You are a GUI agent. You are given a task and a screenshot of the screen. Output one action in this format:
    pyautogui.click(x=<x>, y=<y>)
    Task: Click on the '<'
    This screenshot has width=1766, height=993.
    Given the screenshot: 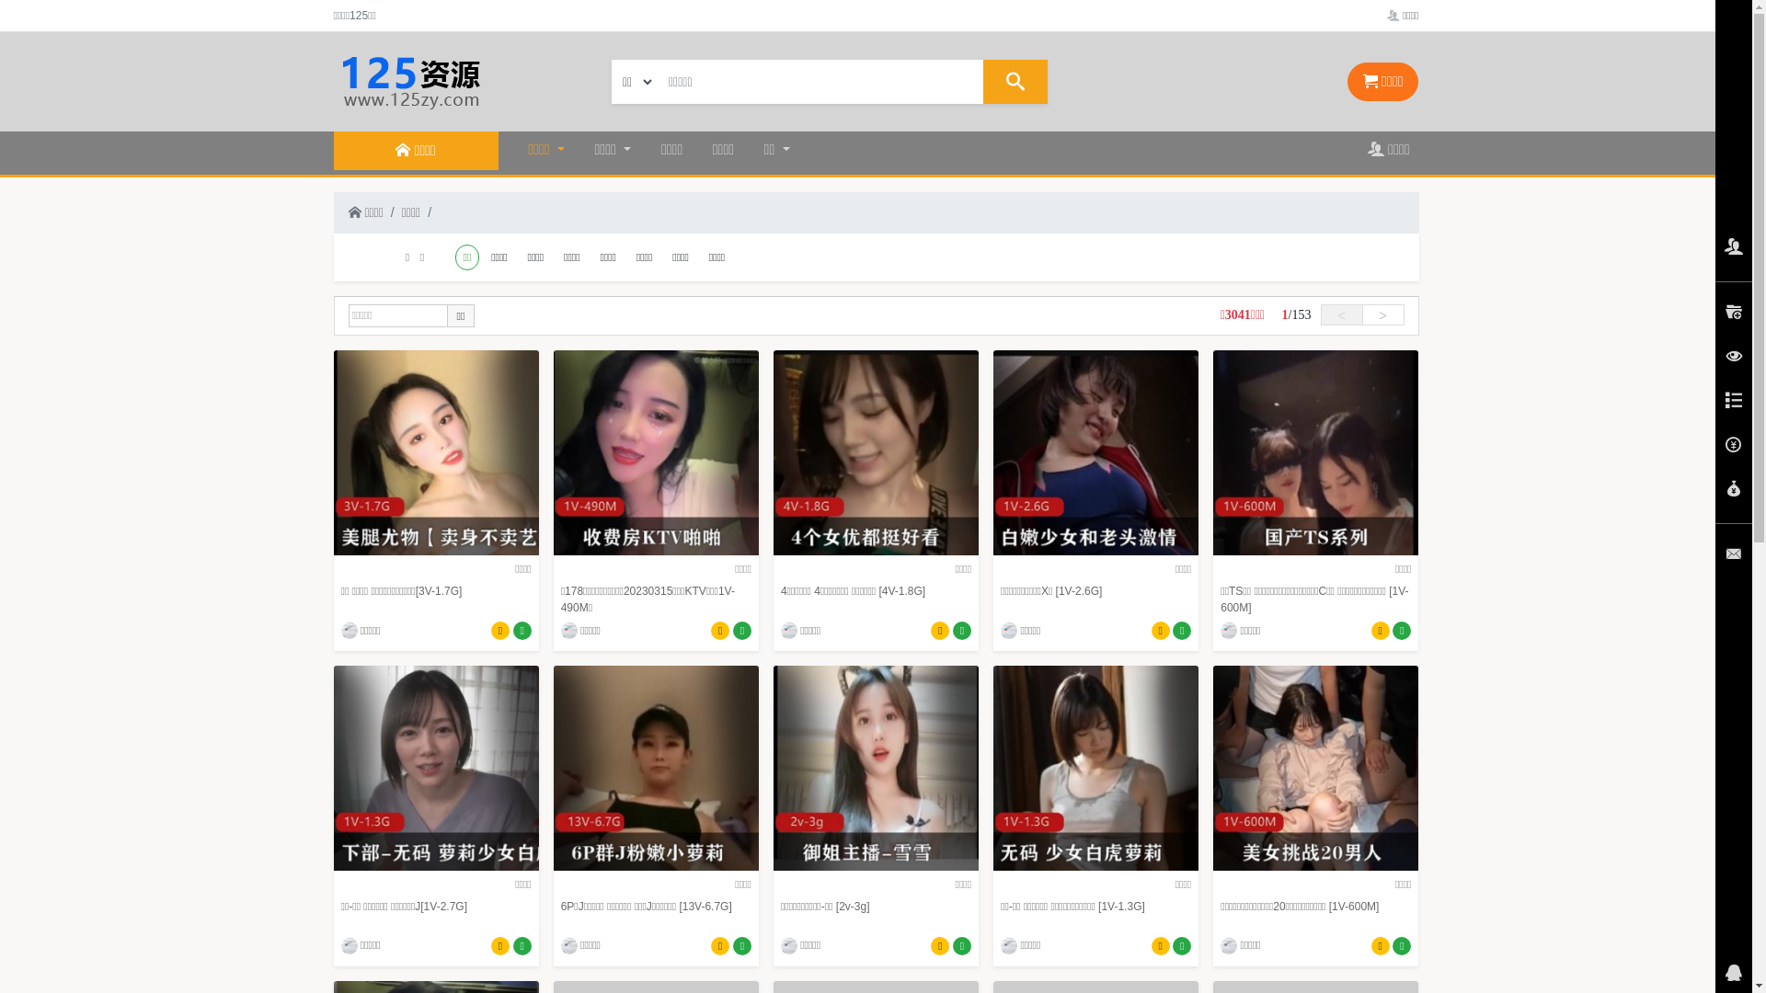 What is the action you would take?
    pyautogui.click(x=1342, y=314)
    